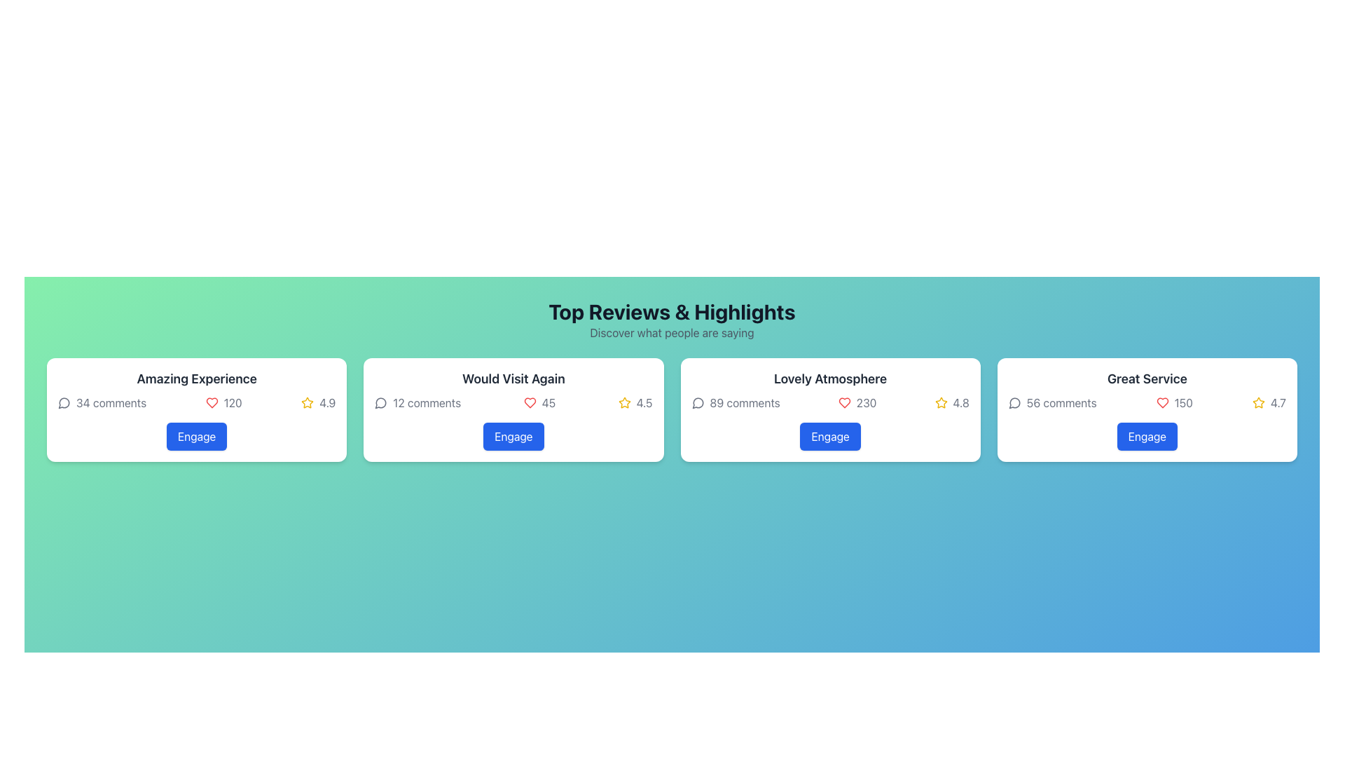 This screenshot has height=757, width=1345. Describe the element at coordinates (635, 402) in the screenshot. I see `the Rating Display element that features a yellow outlined star icon and the numerical text '4.5', located in the second card of the 'Would Visit Again' section, to the right of the heart icon and likes count` at that location.